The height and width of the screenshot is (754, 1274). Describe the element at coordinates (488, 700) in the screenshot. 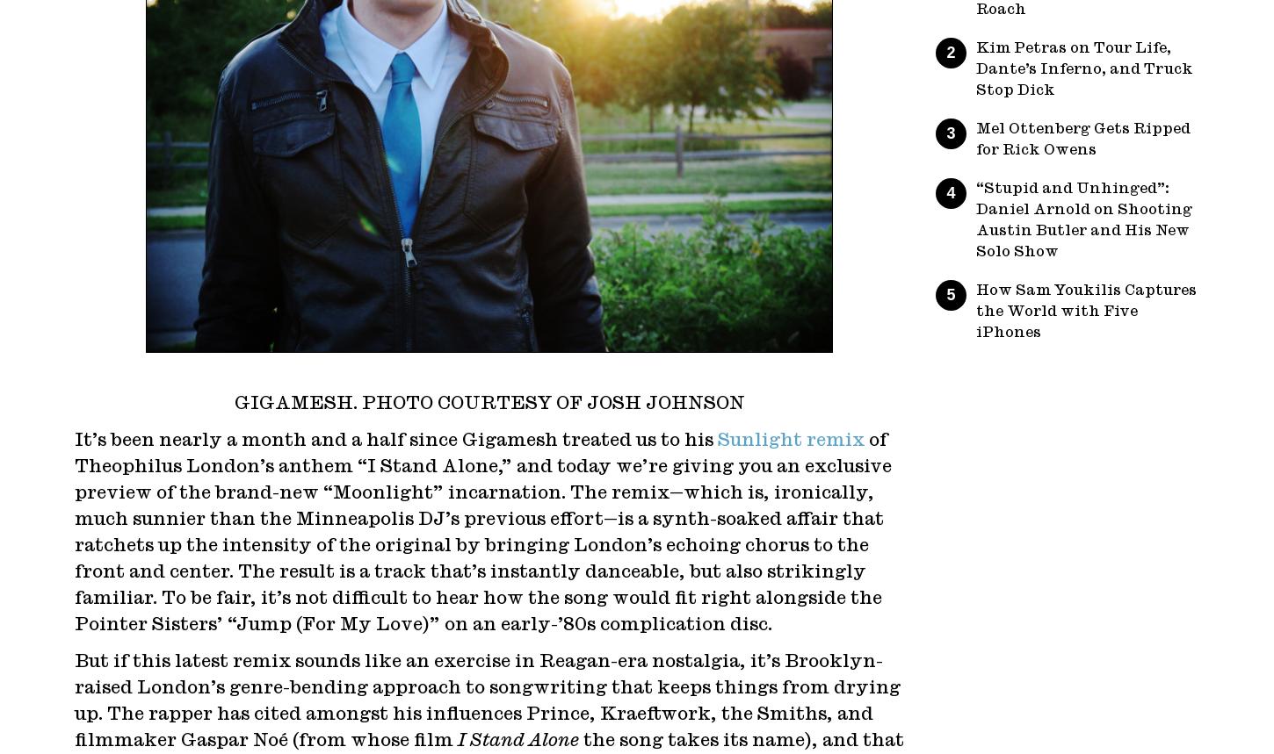

I see `'But if this latest remix sounds like an exercise in Reagan-era nostalgia, it’s Brooklyn-raised London’s genre-bending approach to songwriting that keeps things from drying up. The rapper has cited amongst his influences Prince, Kraeftwork, the Smiths, and filmmaker Gaspar Noé (from whose film'` at that location.